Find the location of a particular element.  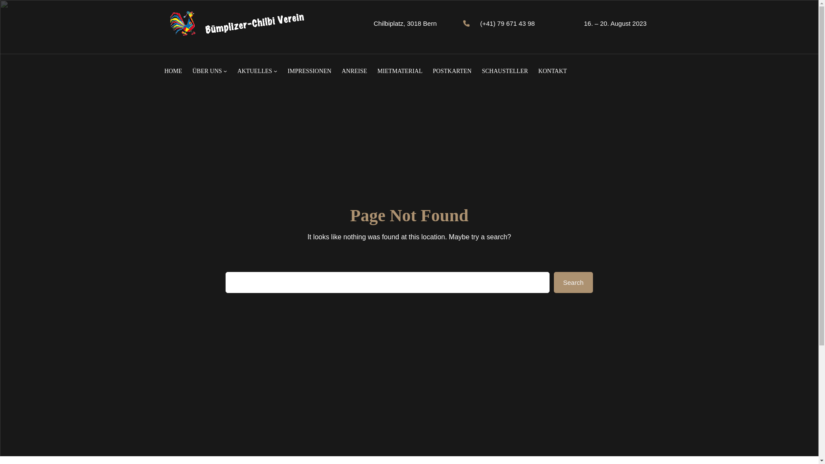

'Search' is located at coordinates (573, 283).